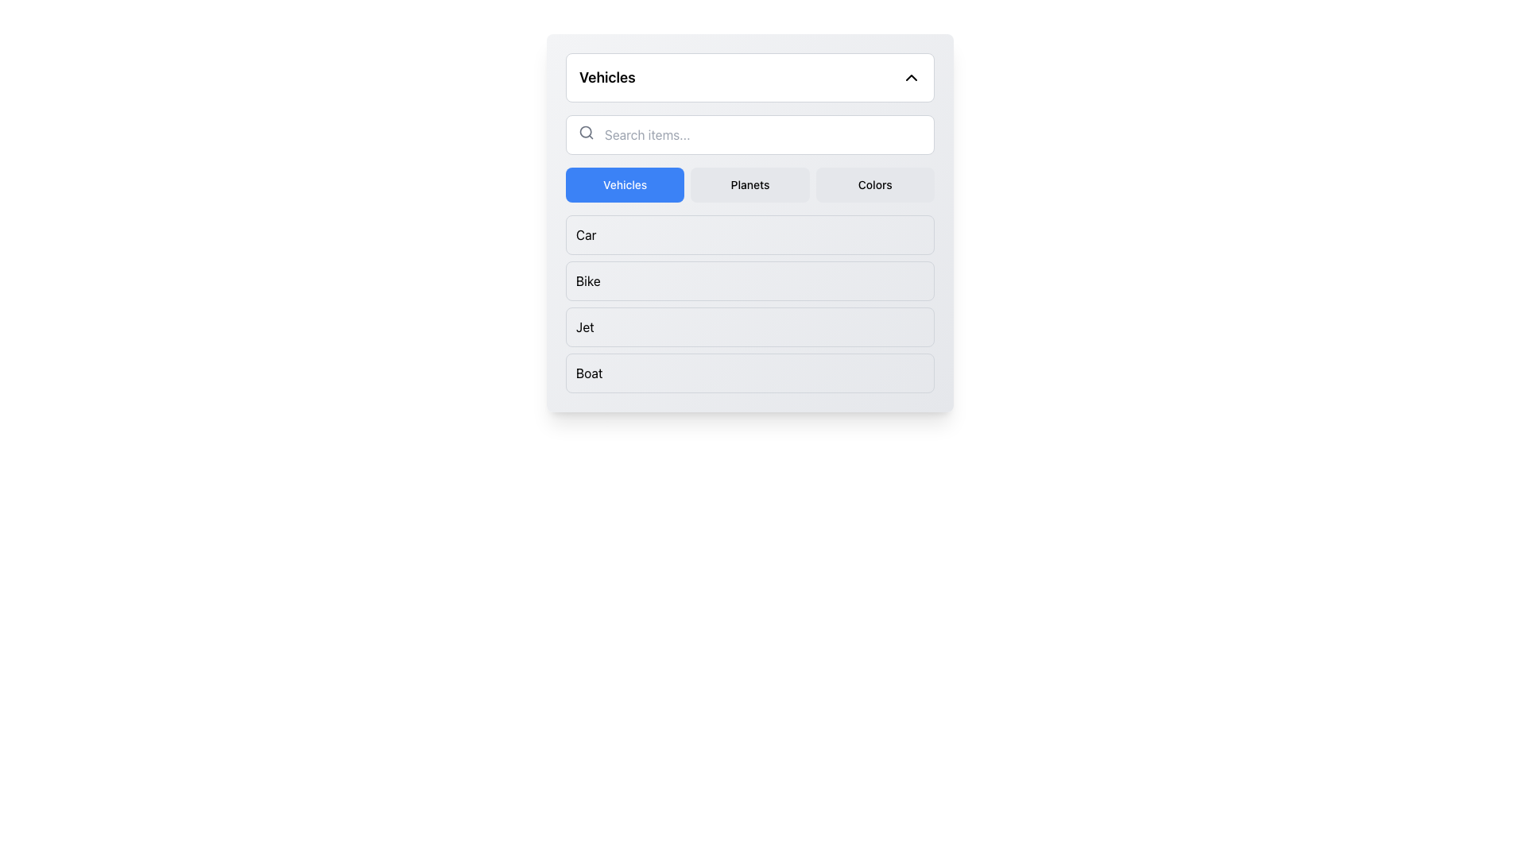  I want to click on the 'Vehicles' button located on the left side of a group of three horizontally aligned buttons, situated beneath the 'Search items' text input field, so click(624, 184).